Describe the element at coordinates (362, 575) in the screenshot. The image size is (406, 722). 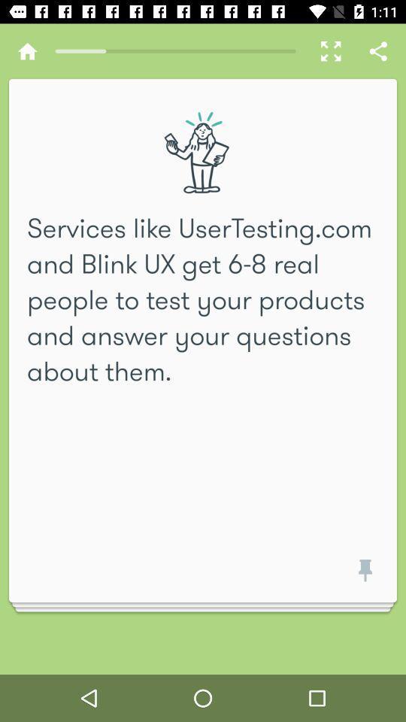
I see `pin button` at that location.